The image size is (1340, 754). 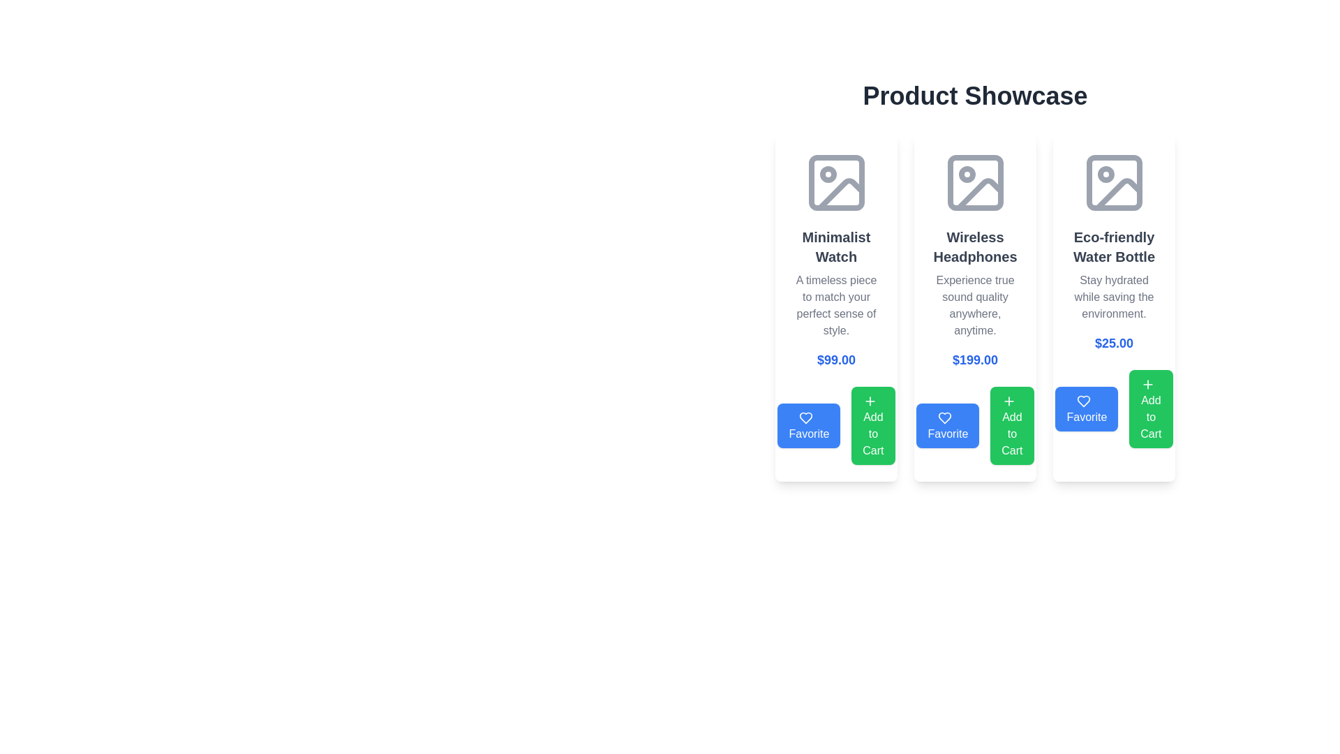 What do you see at coordinates (836, 246) in the screenshot?
I see `the bold text label displaying 'Minimalist Watch' which is centered within a white card interface` at bounding box center [836, 246].